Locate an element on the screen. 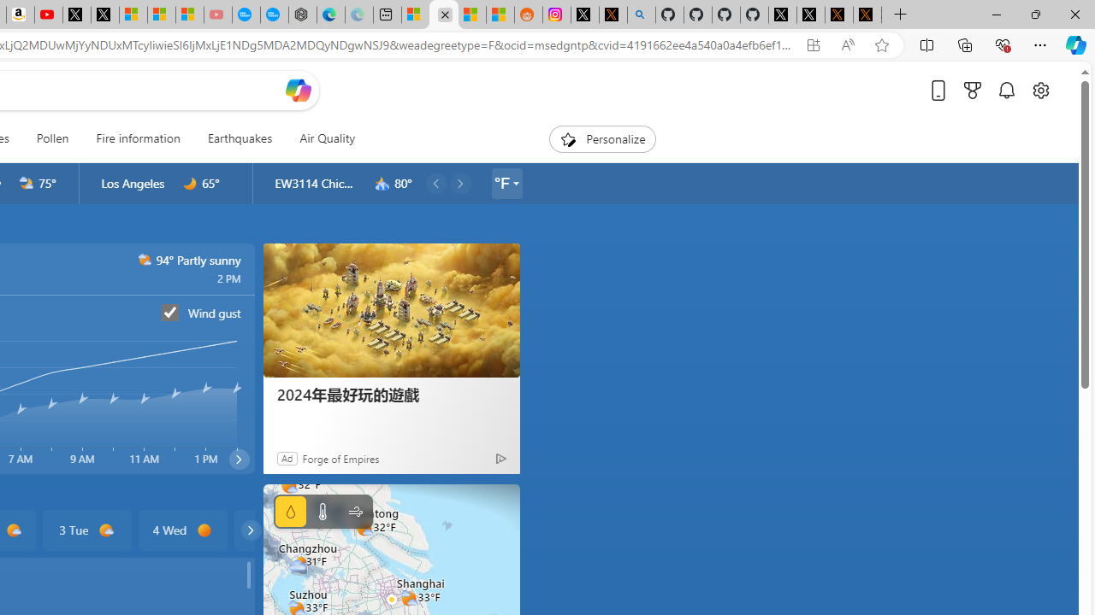 The width and height of the screenshot is (1095, 615). 'github - Search' is located at coordinates (640, 15).